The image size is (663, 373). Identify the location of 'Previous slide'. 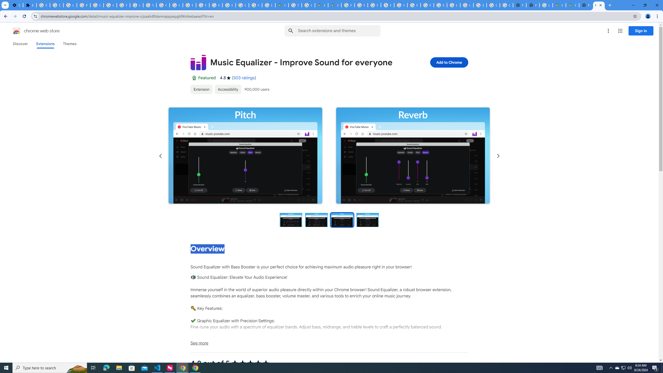
(160, 156).